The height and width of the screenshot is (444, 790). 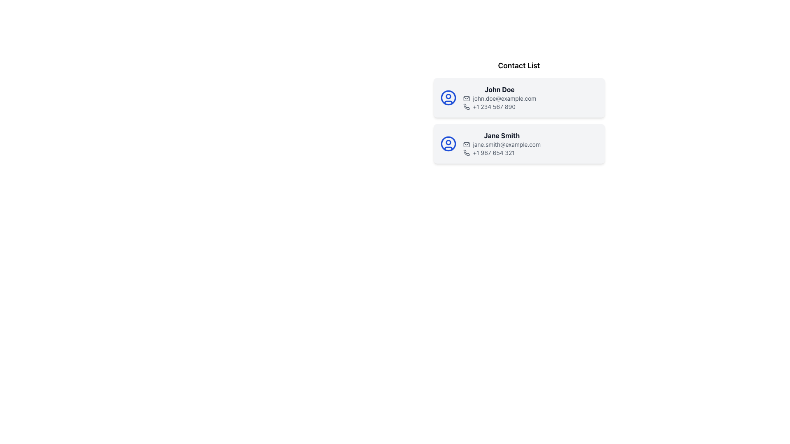 I want to click on the Graphical Icon Component representing the contact profile for 'John Doe', located to the left of the contact's name, email, and phone number in the list, so click(x=448, y=97).